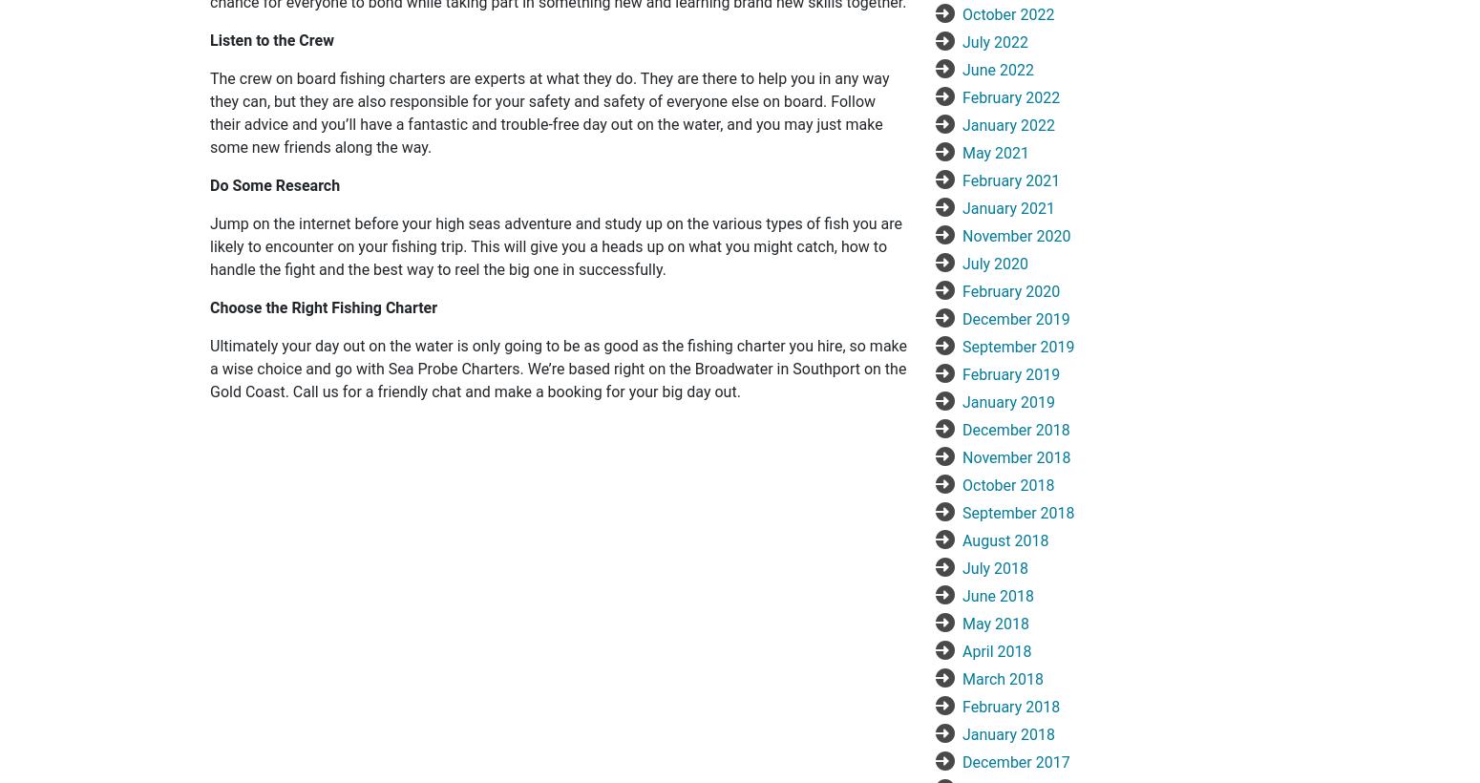 The height and width of the screenshot is (783, 1480). I want to click on 'February 2020', so click(1010, 290).